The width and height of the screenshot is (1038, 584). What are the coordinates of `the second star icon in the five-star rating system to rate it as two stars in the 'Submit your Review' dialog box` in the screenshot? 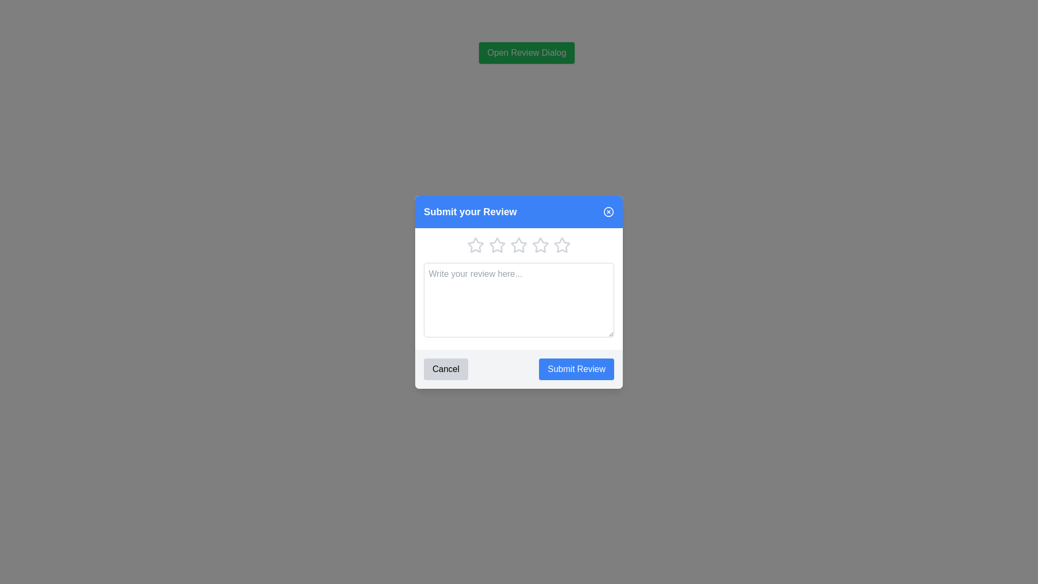 It's located at (540, 244).